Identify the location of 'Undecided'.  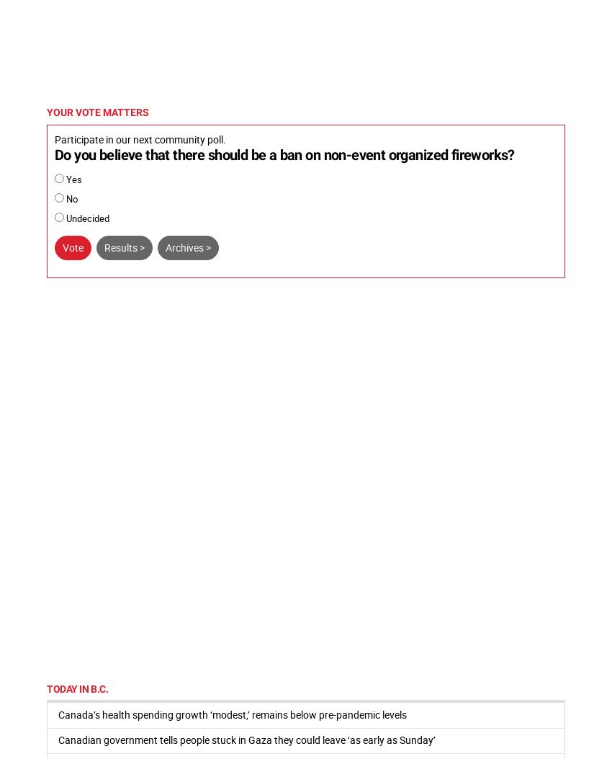
(63, 218).